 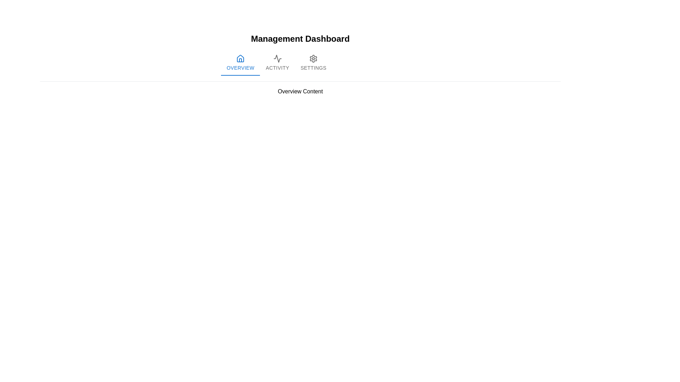 What do you see at coordinates (240, 58) in the screenshot?
I see `the 'Overview' tab icon located in the top navigation bar, positioned at the leftmost side` at bounding box center [240, 58].